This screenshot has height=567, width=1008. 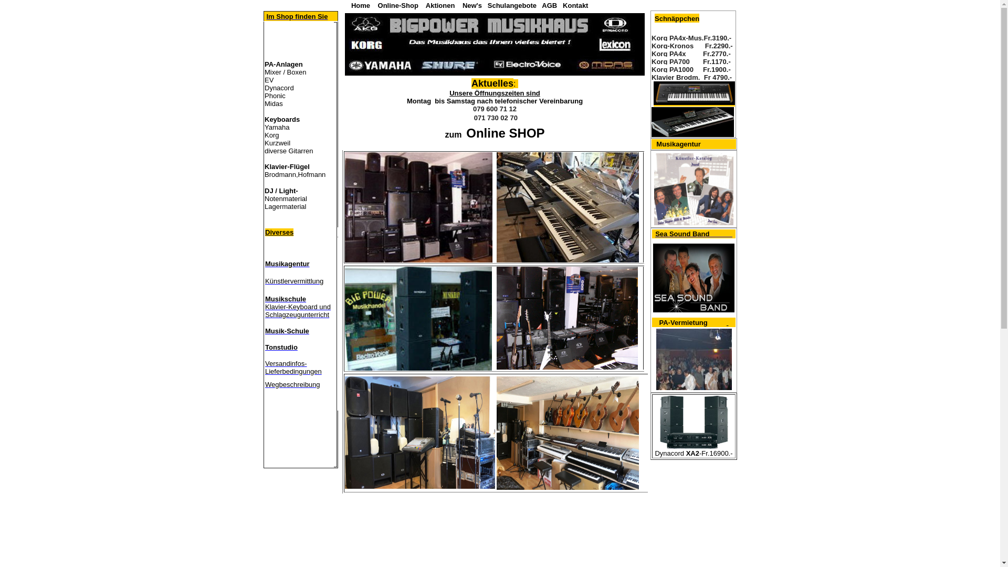 I want to click on 'AGB', so click(x=549, y=5).